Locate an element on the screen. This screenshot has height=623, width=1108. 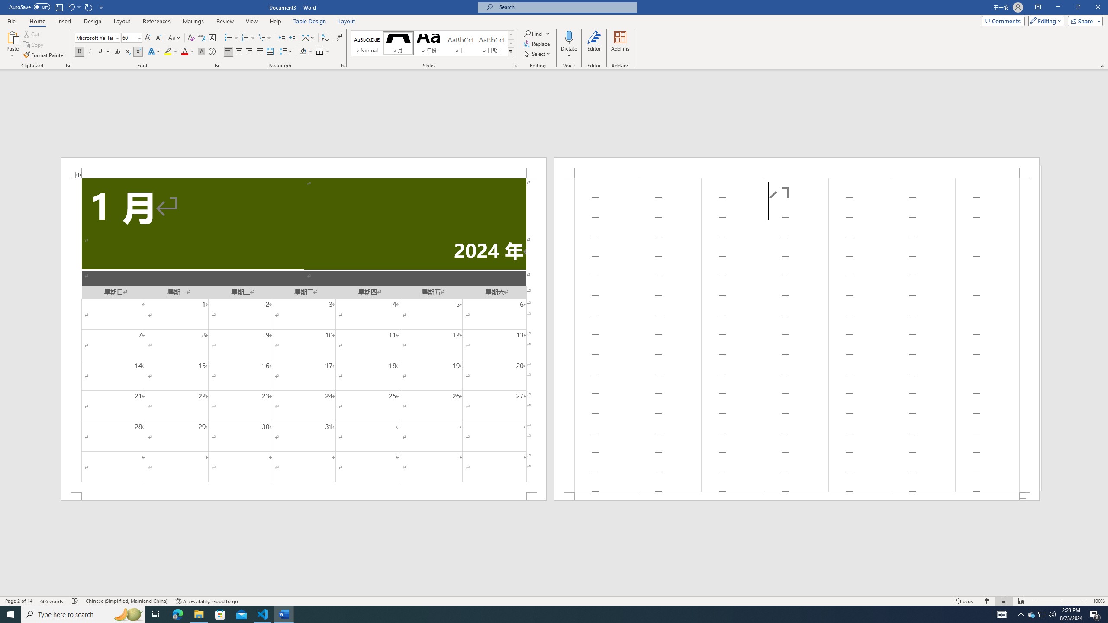
'Bullets' is located at coordinates (228, 38).